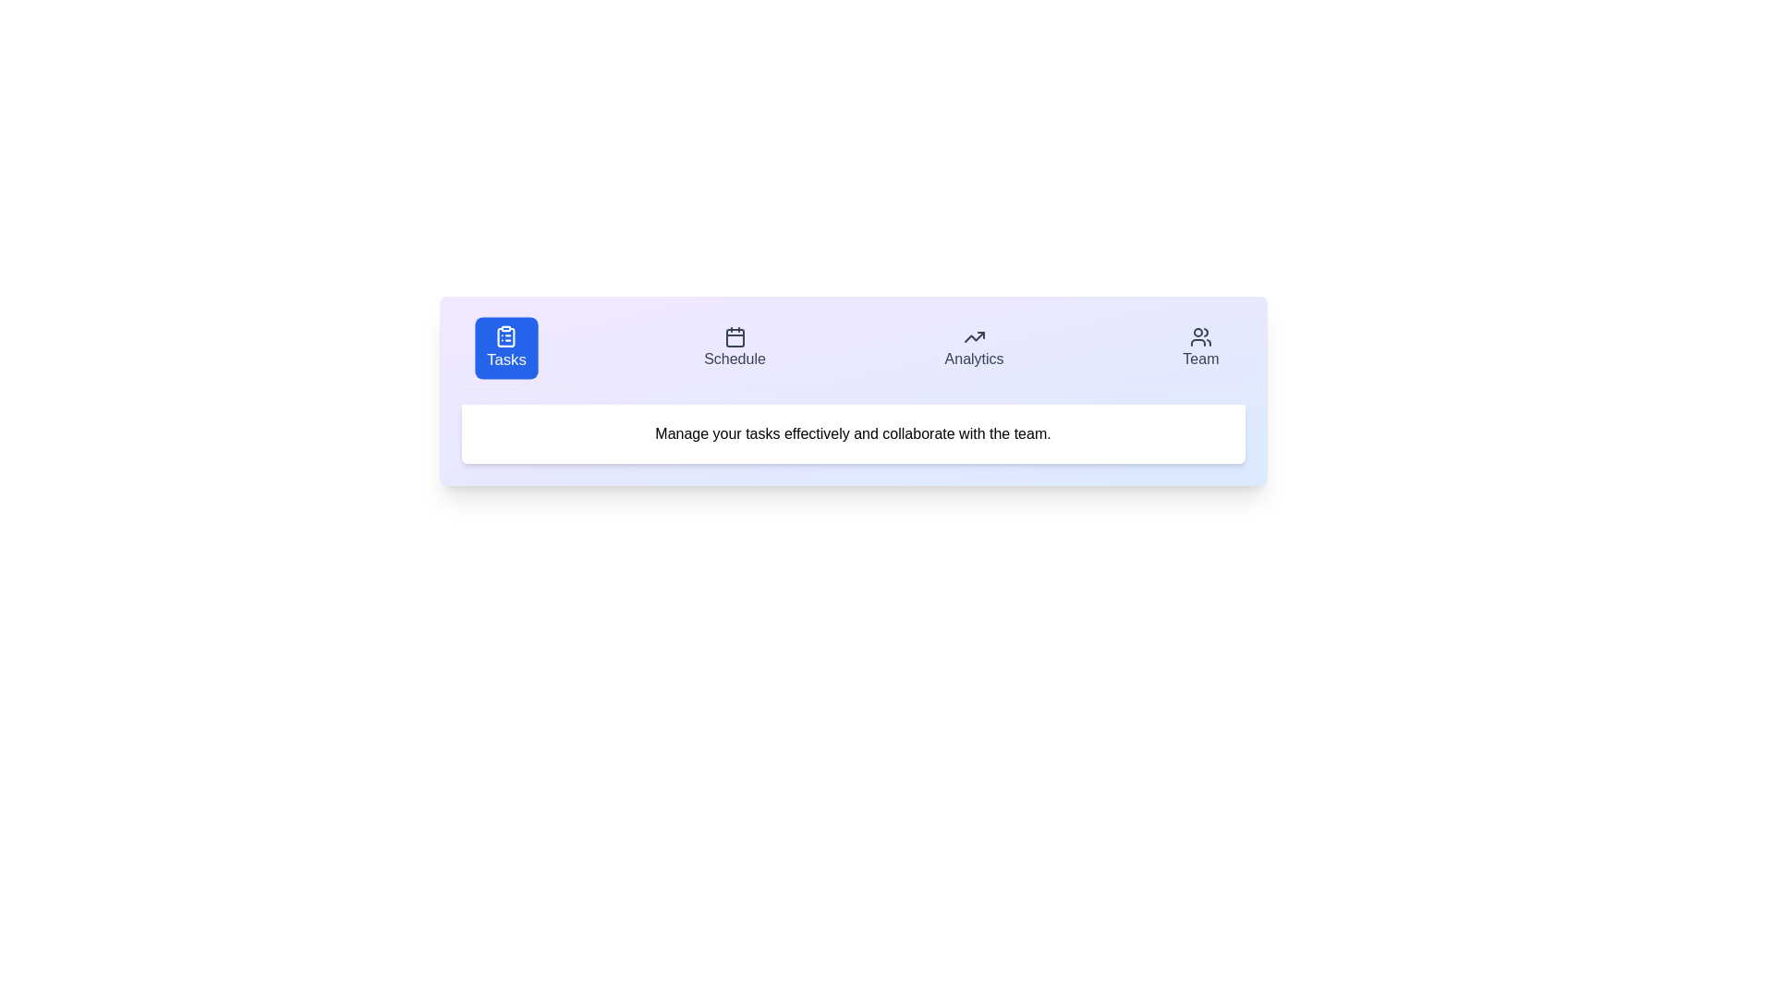 The image size is (1774, 998). Describe the element at coordinates (1200, 348) in the screenshot. I see `the Team tab by clicking on its respective button` at that location.